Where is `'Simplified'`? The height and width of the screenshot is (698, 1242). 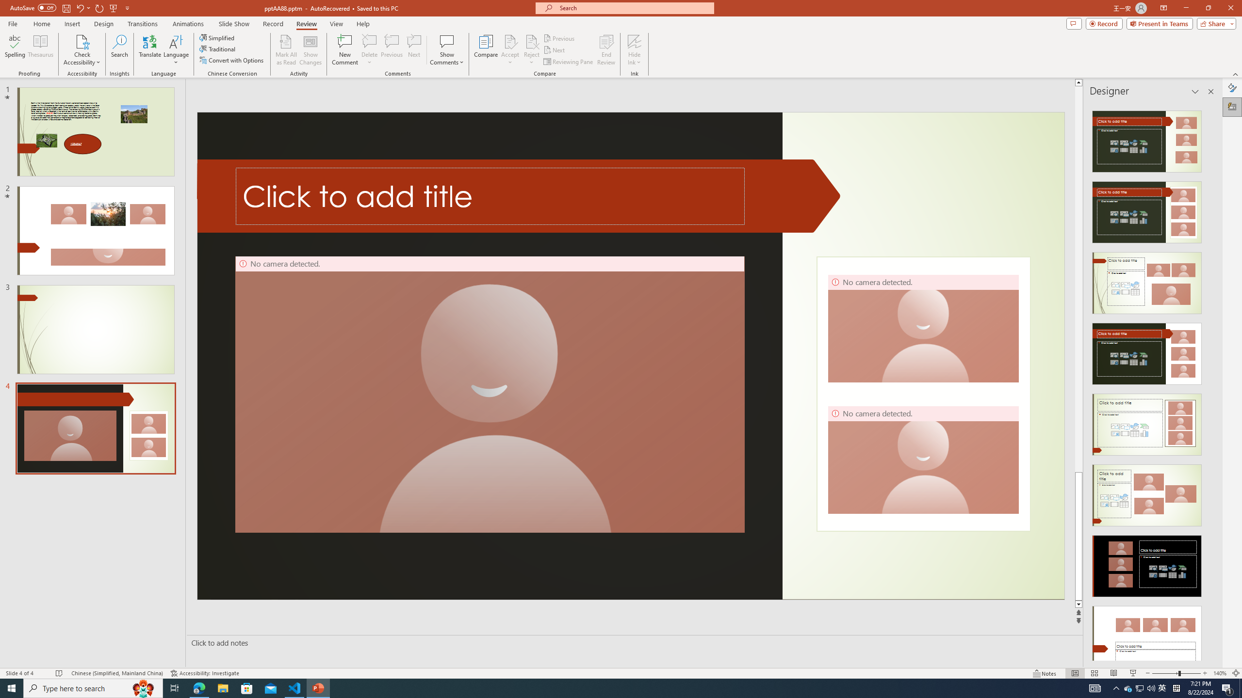
'Simplified' is located at coordinates (217, 37).